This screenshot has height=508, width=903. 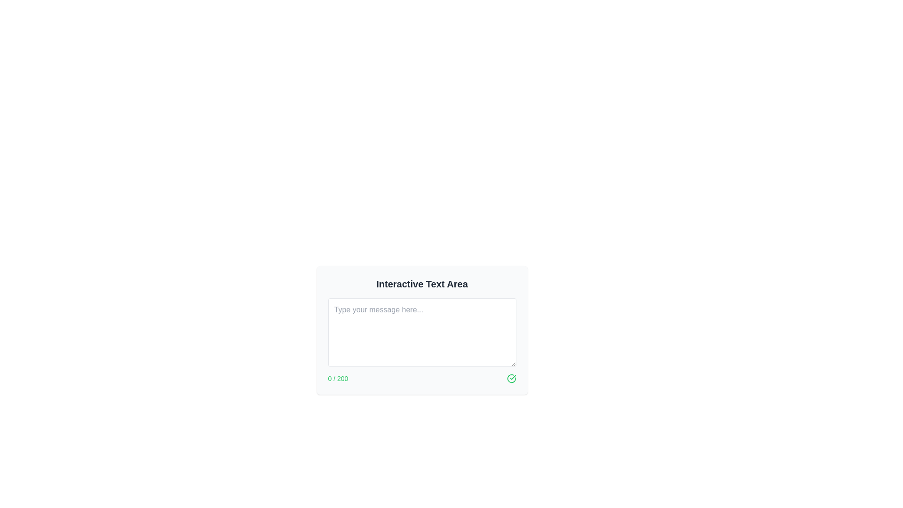 I want to click on the bold text labeled 'Interactive Text Area' located at the top of a card component, so click(x=421, y=284).